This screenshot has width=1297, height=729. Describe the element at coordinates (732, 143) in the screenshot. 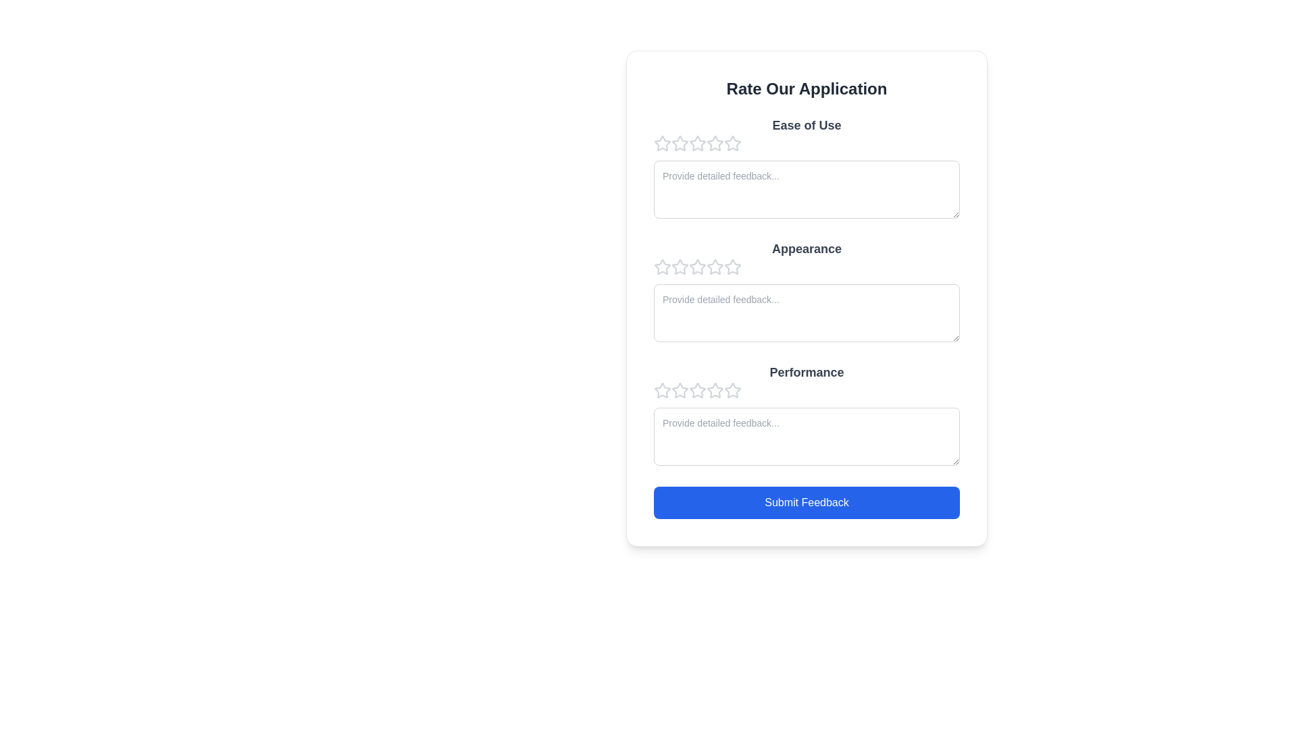

I see `the 5th star in the 'Ease of Use' rating bar to give a rating` at that location.